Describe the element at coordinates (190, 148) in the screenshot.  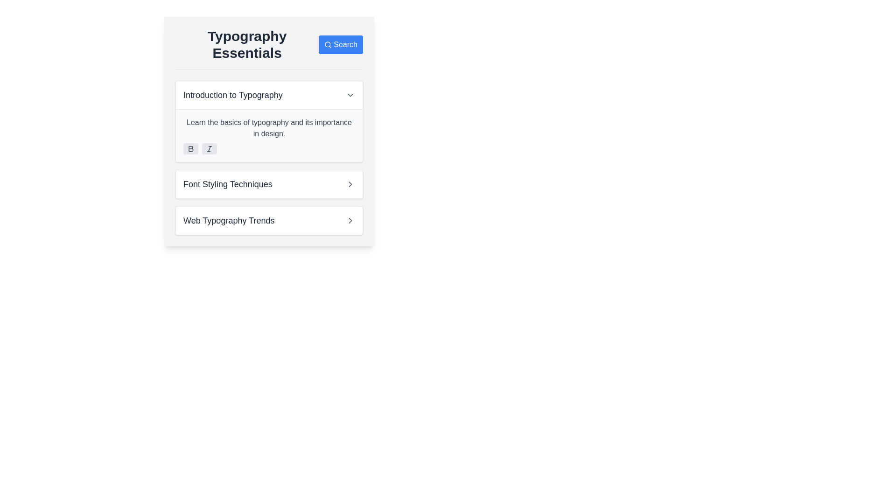
I see `the first button under the 'Introduction to Typography' section to apply bold formatting to text` at that location.